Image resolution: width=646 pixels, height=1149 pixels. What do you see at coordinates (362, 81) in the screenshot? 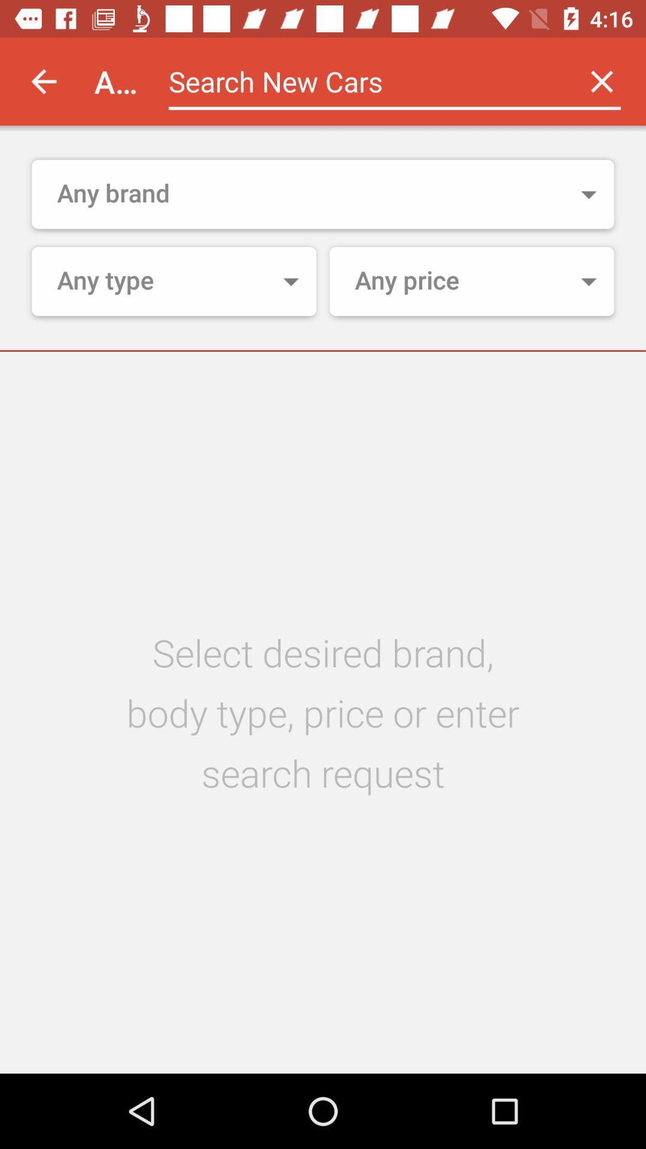
I see `icon to the right of autoportal icon` at bounding box center [362, 81].